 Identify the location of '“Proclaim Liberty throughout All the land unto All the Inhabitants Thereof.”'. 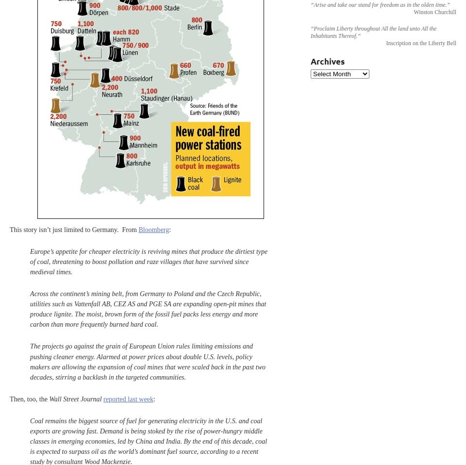
(310, 31).